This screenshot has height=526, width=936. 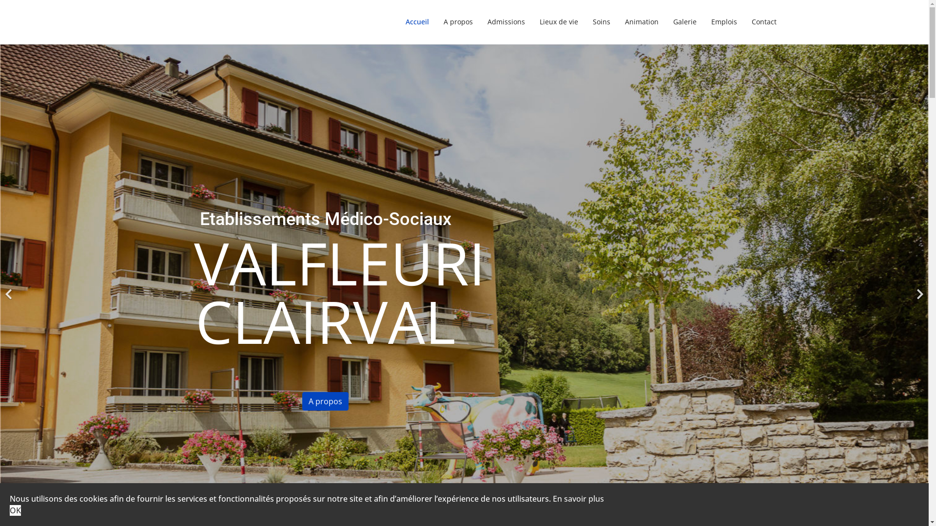 I want to click on 'Soins', so click(x=585, y=22).